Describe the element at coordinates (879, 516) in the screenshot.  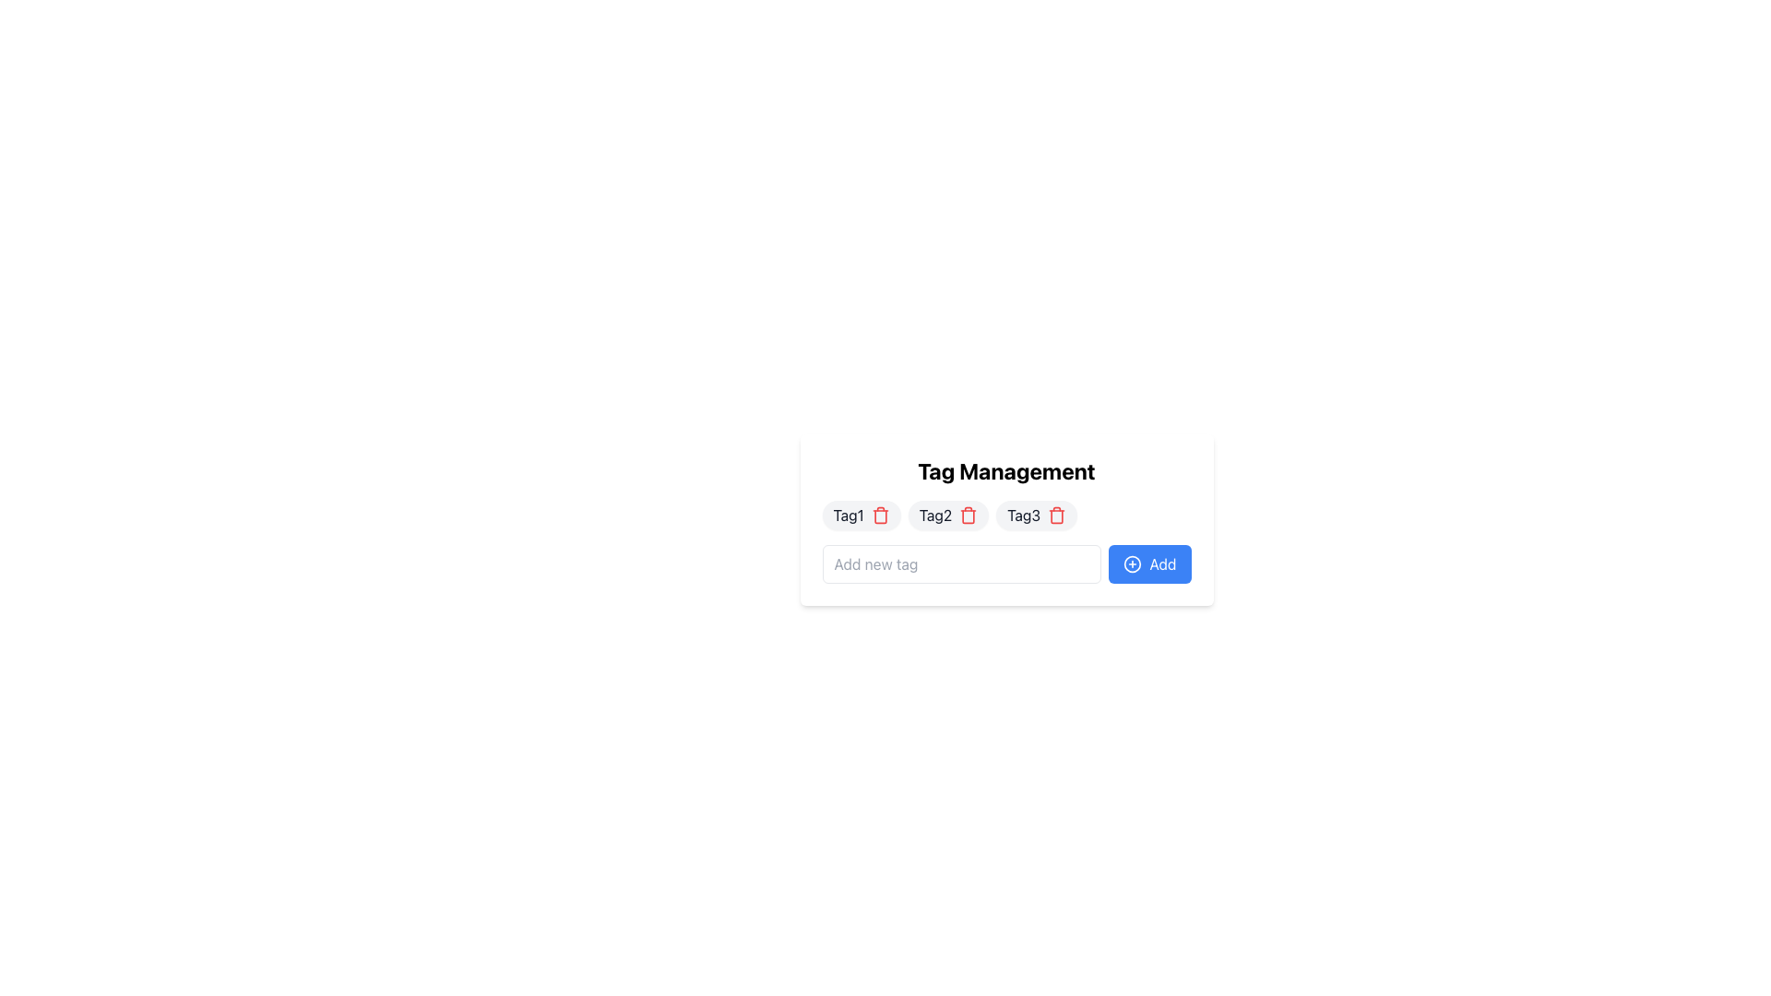
I see `the delete icon located to the right of the 'Tag1' component` at that location.